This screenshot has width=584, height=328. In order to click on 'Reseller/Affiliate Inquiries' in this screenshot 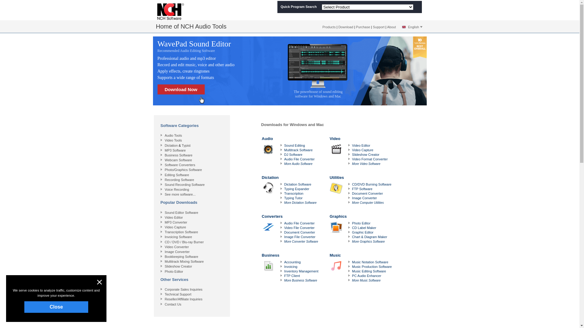, I will do `click(183, 299)`.